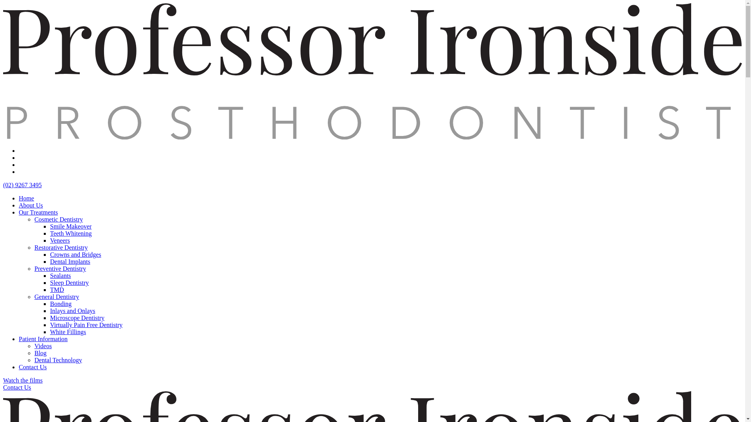 Image resolution: width=751 pixels, height=422 pixels. Describe the element at coordinates (50, 303) in the screenshot. I see `'Bonding'` at that location.